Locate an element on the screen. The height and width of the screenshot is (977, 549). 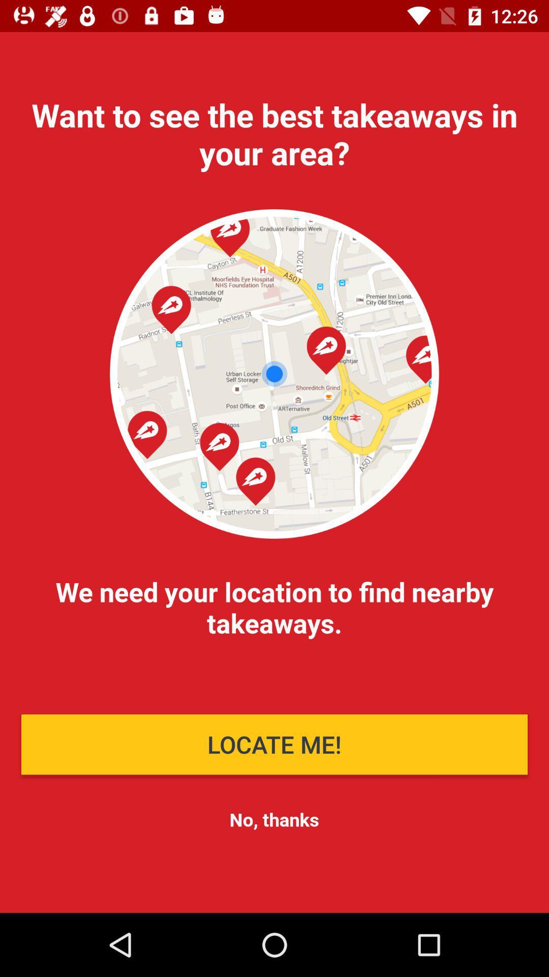
locate me! icon is located at coordinates (274, 744).